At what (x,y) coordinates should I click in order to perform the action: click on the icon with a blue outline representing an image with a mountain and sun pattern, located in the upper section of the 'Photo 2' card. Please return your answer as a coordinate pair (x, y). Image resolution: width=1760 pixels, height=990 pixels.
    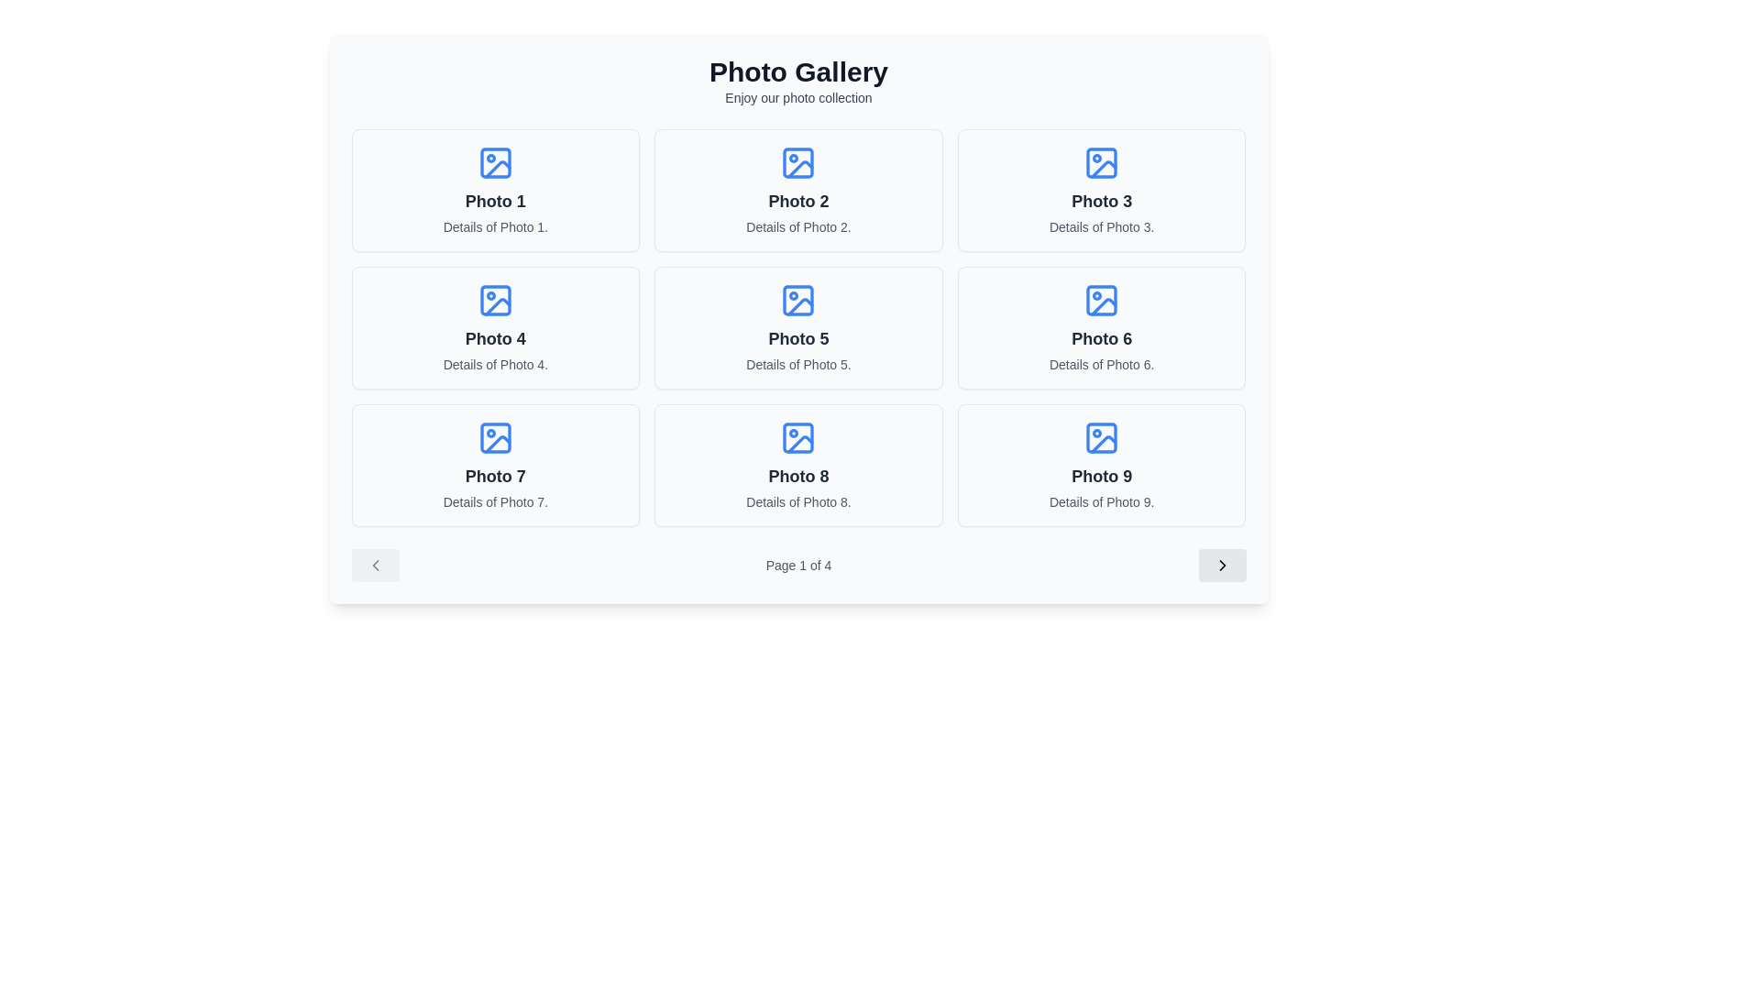
    Looking at the image, I should click on (798, 161).